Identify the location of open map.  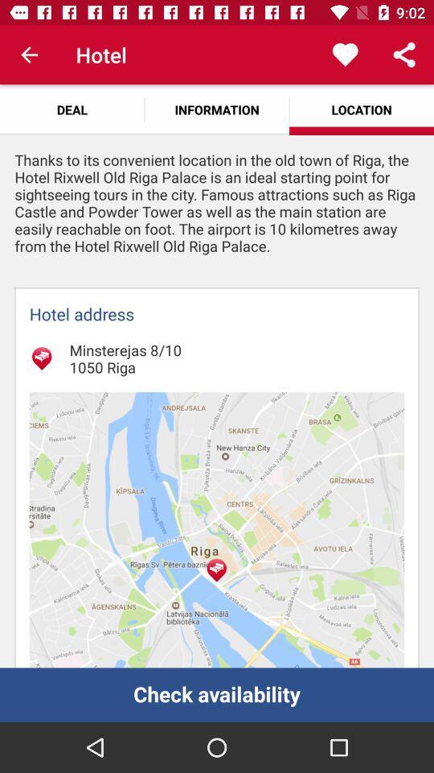
(217, 529).